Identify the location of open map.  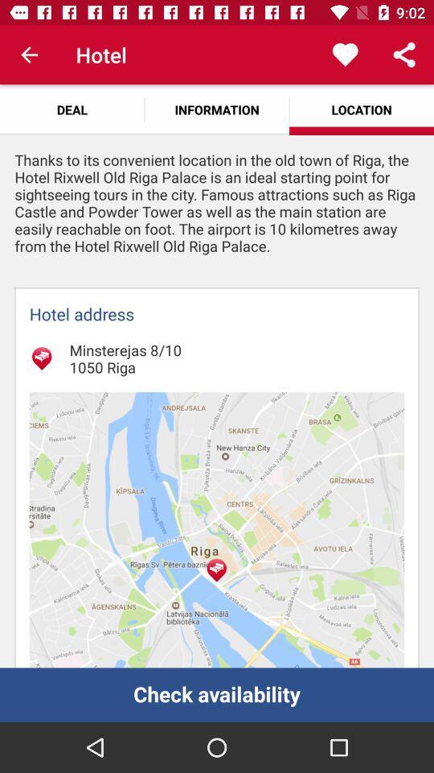
(217, 529).